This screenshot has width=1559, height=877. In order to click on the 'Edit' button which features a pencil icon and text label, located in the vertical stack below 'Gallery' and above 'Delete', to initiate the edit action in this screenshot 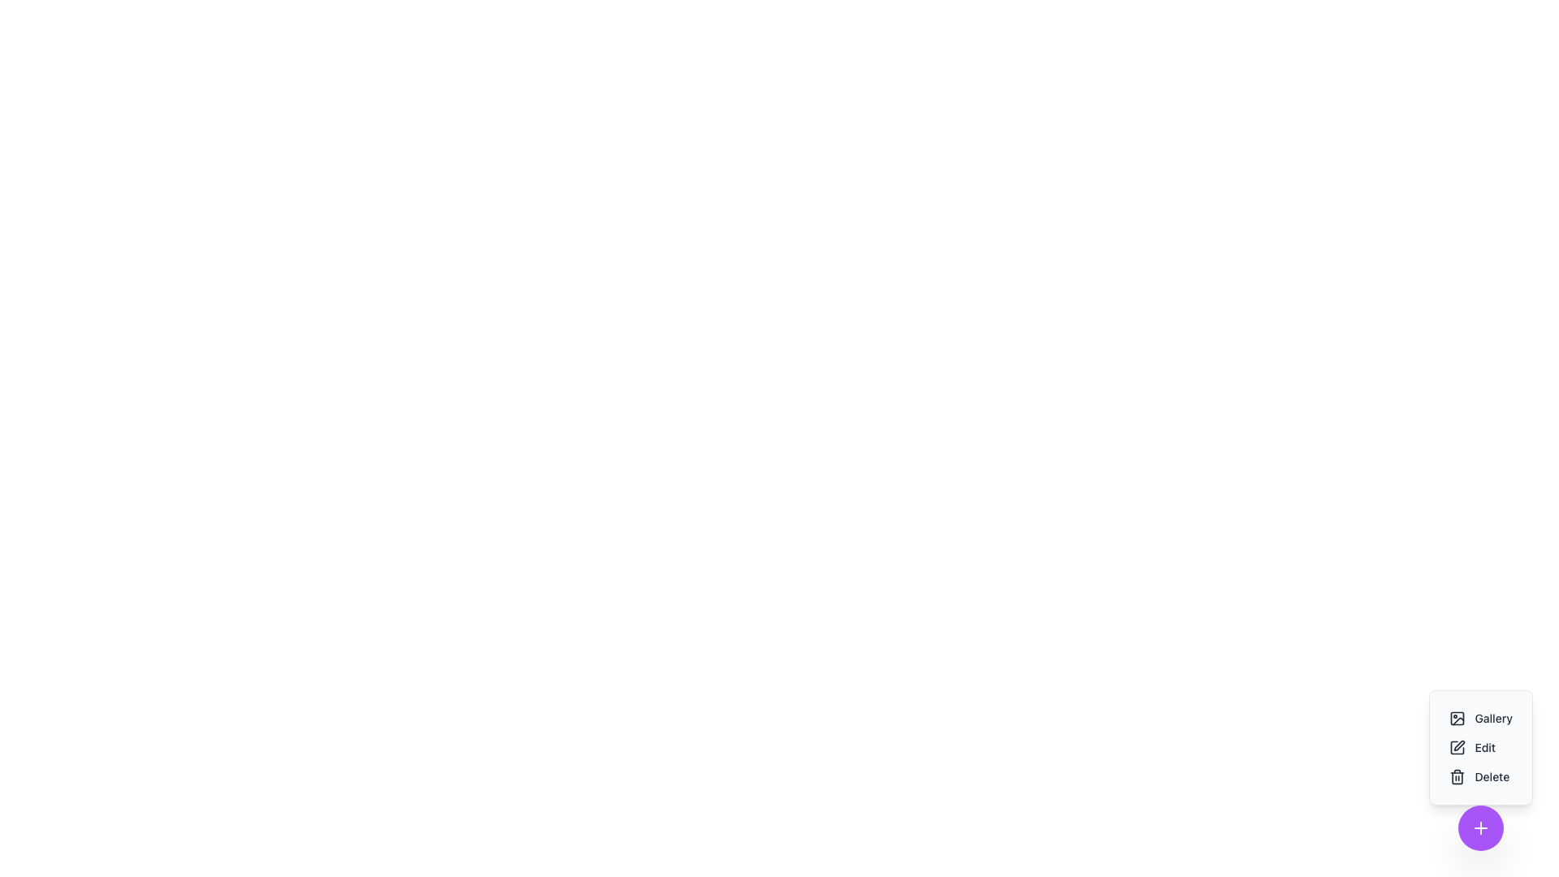, I will do `click(1472, 748)`.